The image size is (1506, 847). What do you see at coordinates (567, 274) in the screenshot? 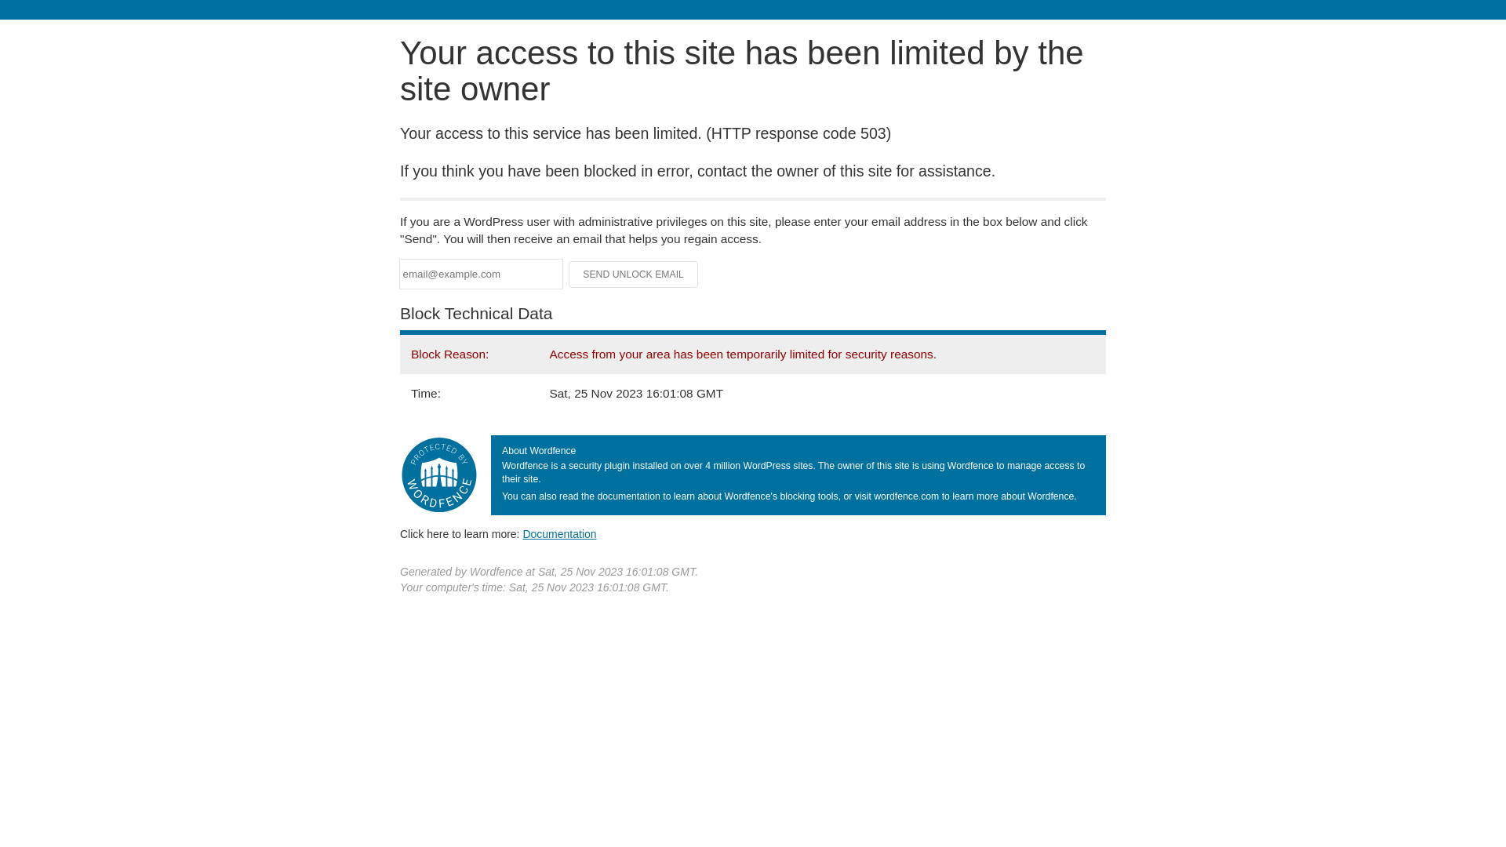
I see `'Send Unlock Email'` at bounding box center [567, 274].